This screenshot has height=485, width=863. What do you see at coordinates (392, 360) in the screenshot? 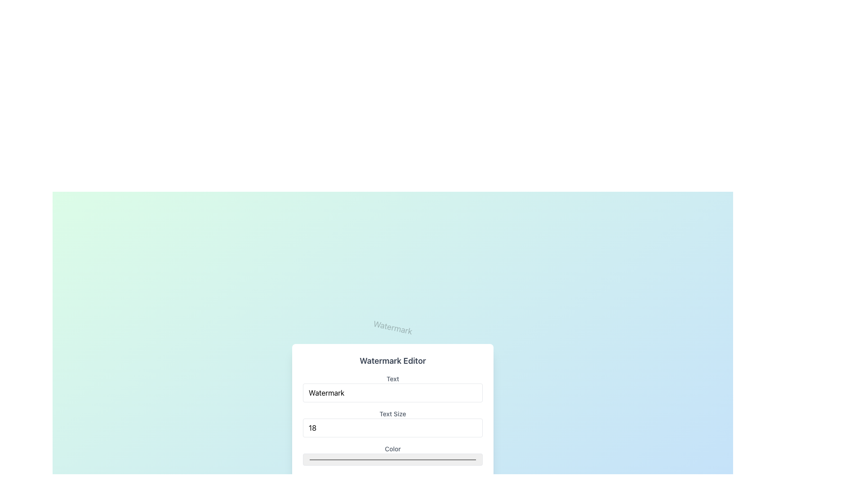
I see `the static text label that serves as the title for the 'Watermark Editor' section` at bounding box center [392, 360].